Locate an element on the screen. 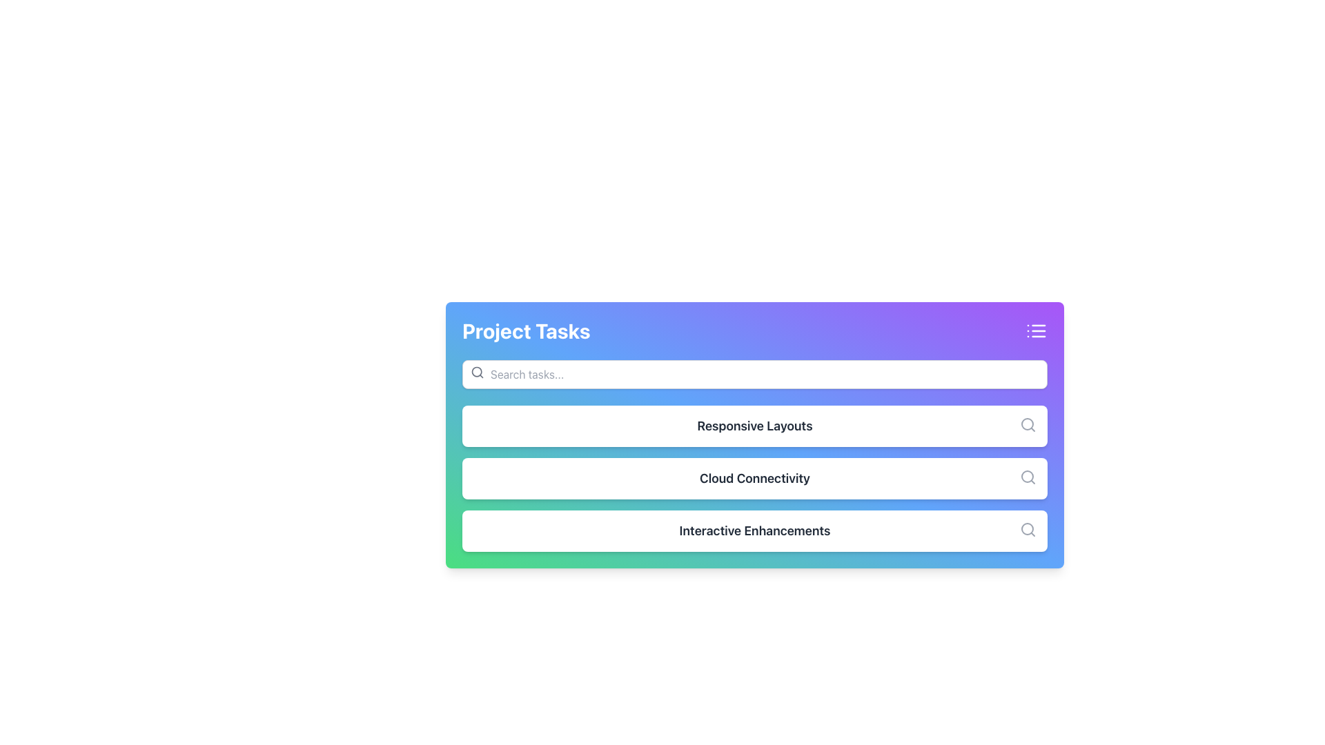  the title text within the card layout related to 'Responsive Layouts' is located at coordinates (754, 435).